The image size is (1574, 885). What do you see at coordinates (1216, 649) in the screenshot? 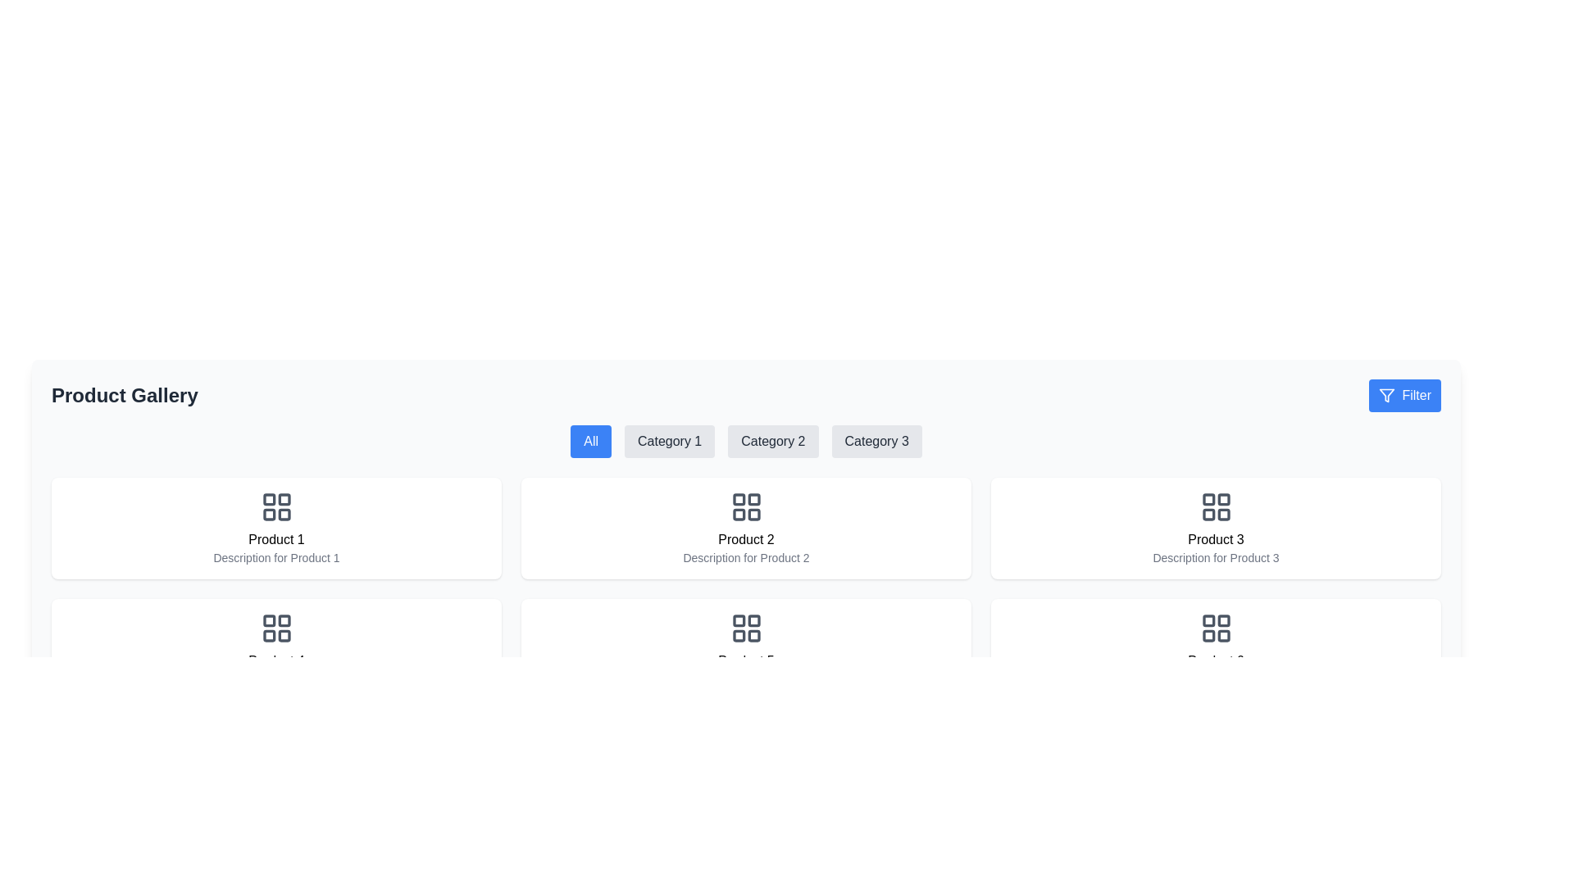
I see `the product card located in the bottom-right corner of the 3x2 grid layout` at bounding box center [1216, 649].